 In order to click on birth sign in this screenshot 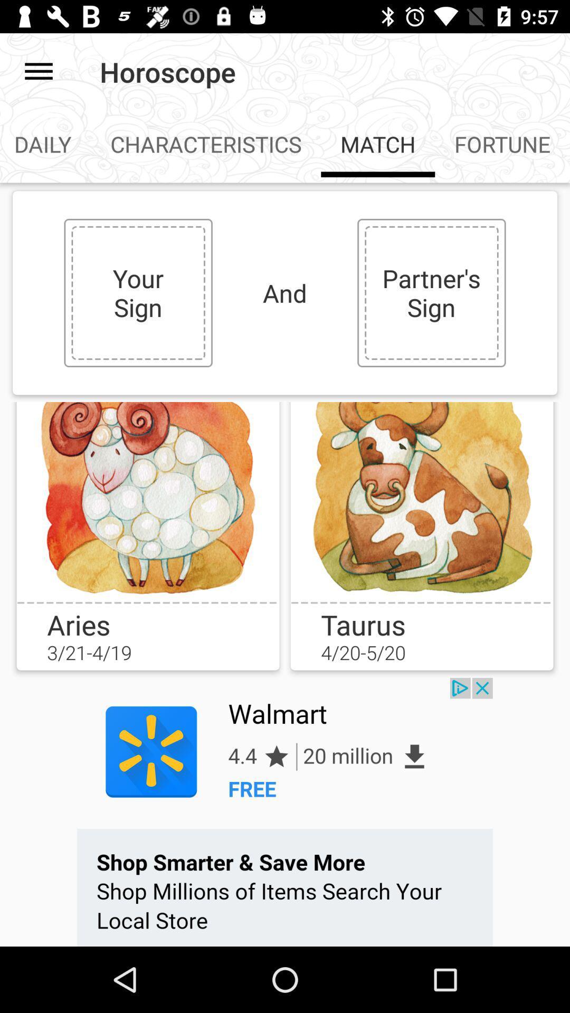, I will do `click(421, 501)`.